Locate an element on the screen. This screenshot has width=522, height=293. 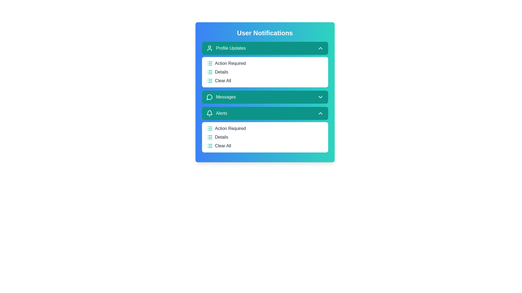
the icon associated with the 'Profile Updates' section is located at coordinates (209, 48).